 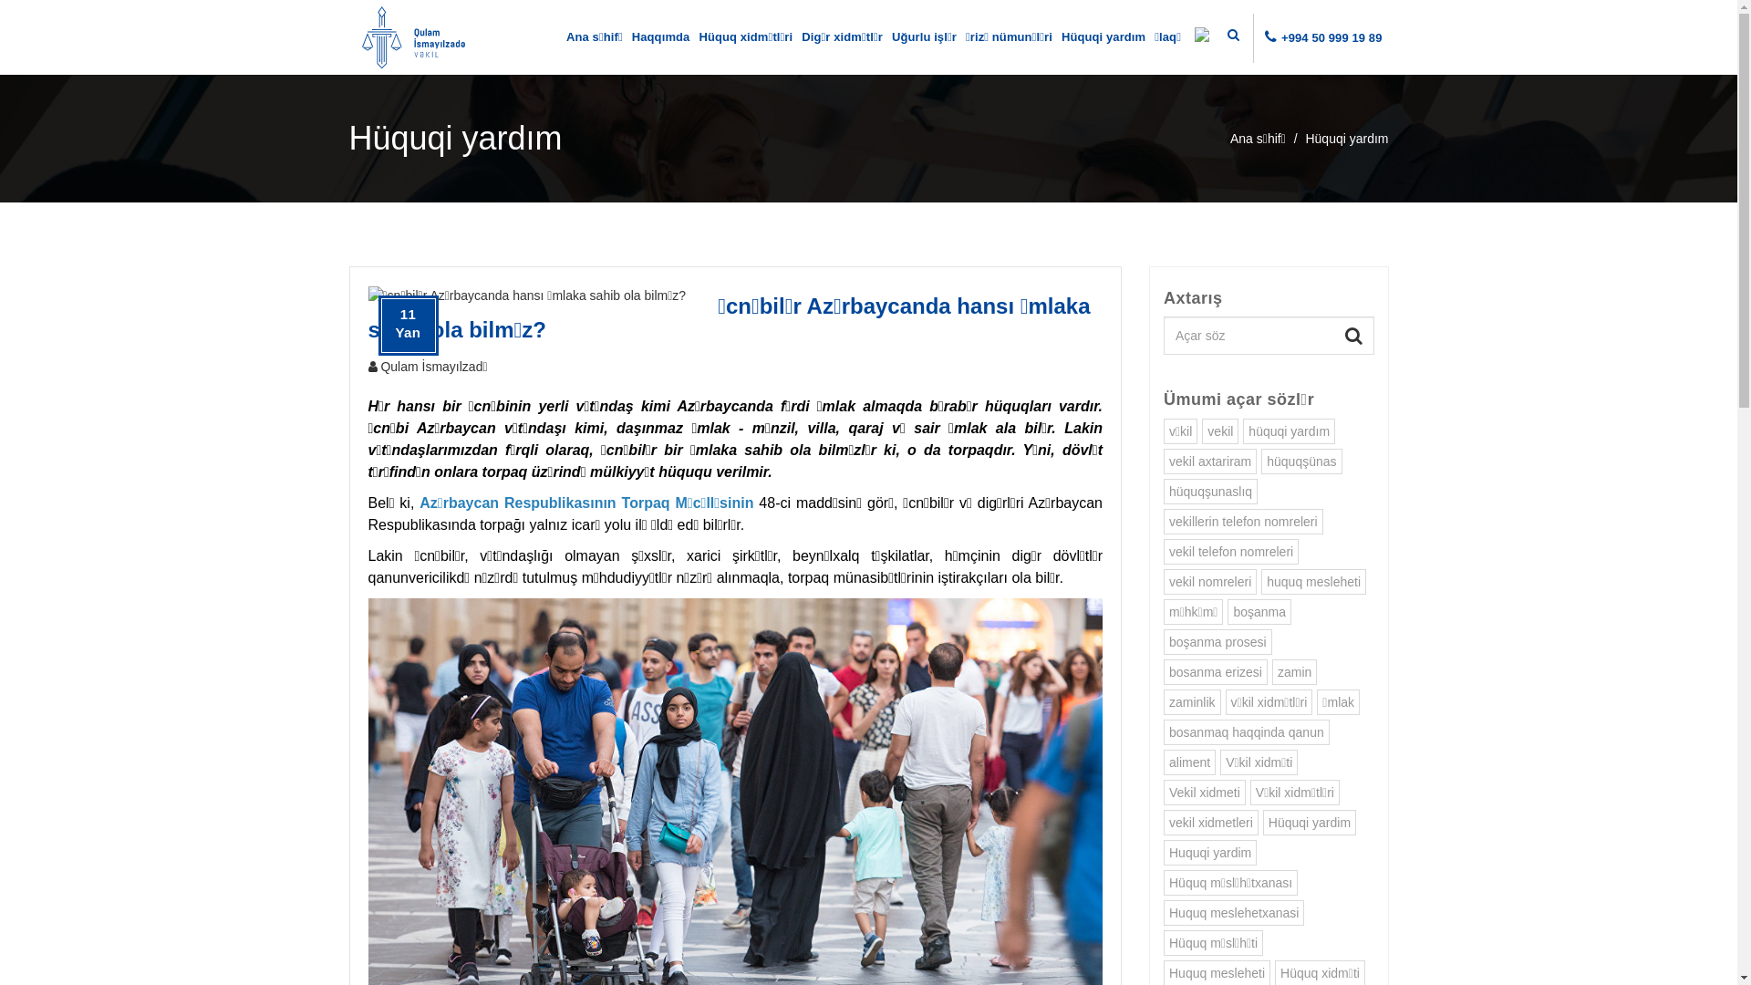 I want to click on 'zaminlik', so click(x=1192, y=701).